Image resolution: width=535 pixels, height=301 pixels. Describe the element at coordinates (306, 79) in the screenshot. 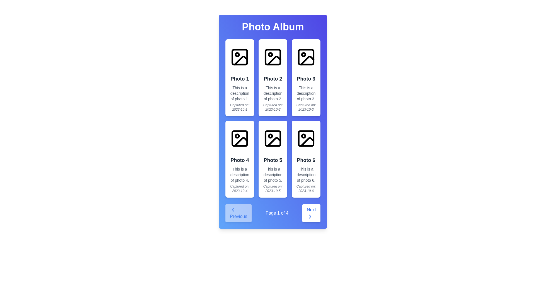

I see `the text label 'Photo 3' located near the top of the third card in the first row of the grid layout` at that location.